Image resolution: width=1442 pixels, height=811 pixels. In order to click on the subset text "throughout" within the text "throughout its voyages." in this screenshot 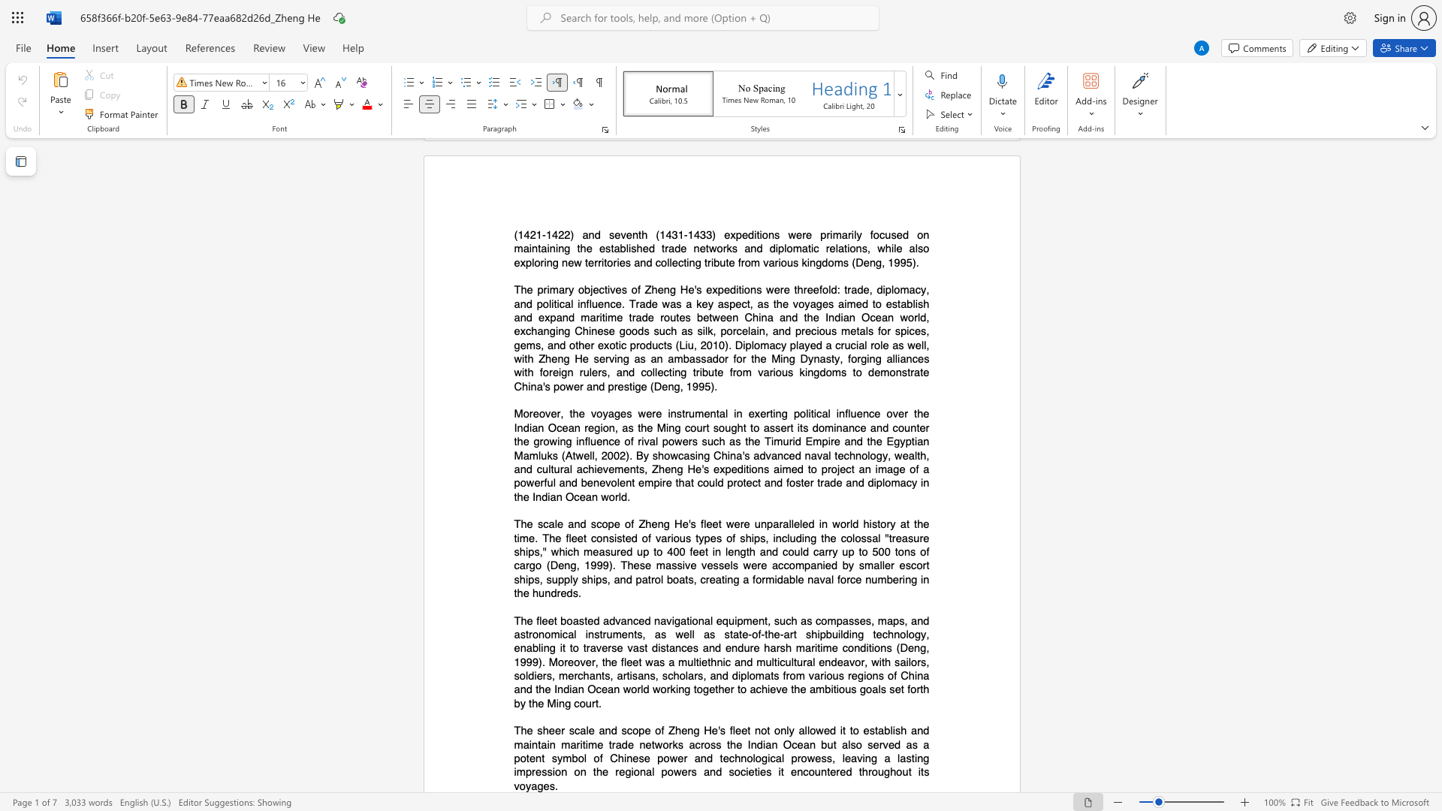, I will do `click(858, 772)`.